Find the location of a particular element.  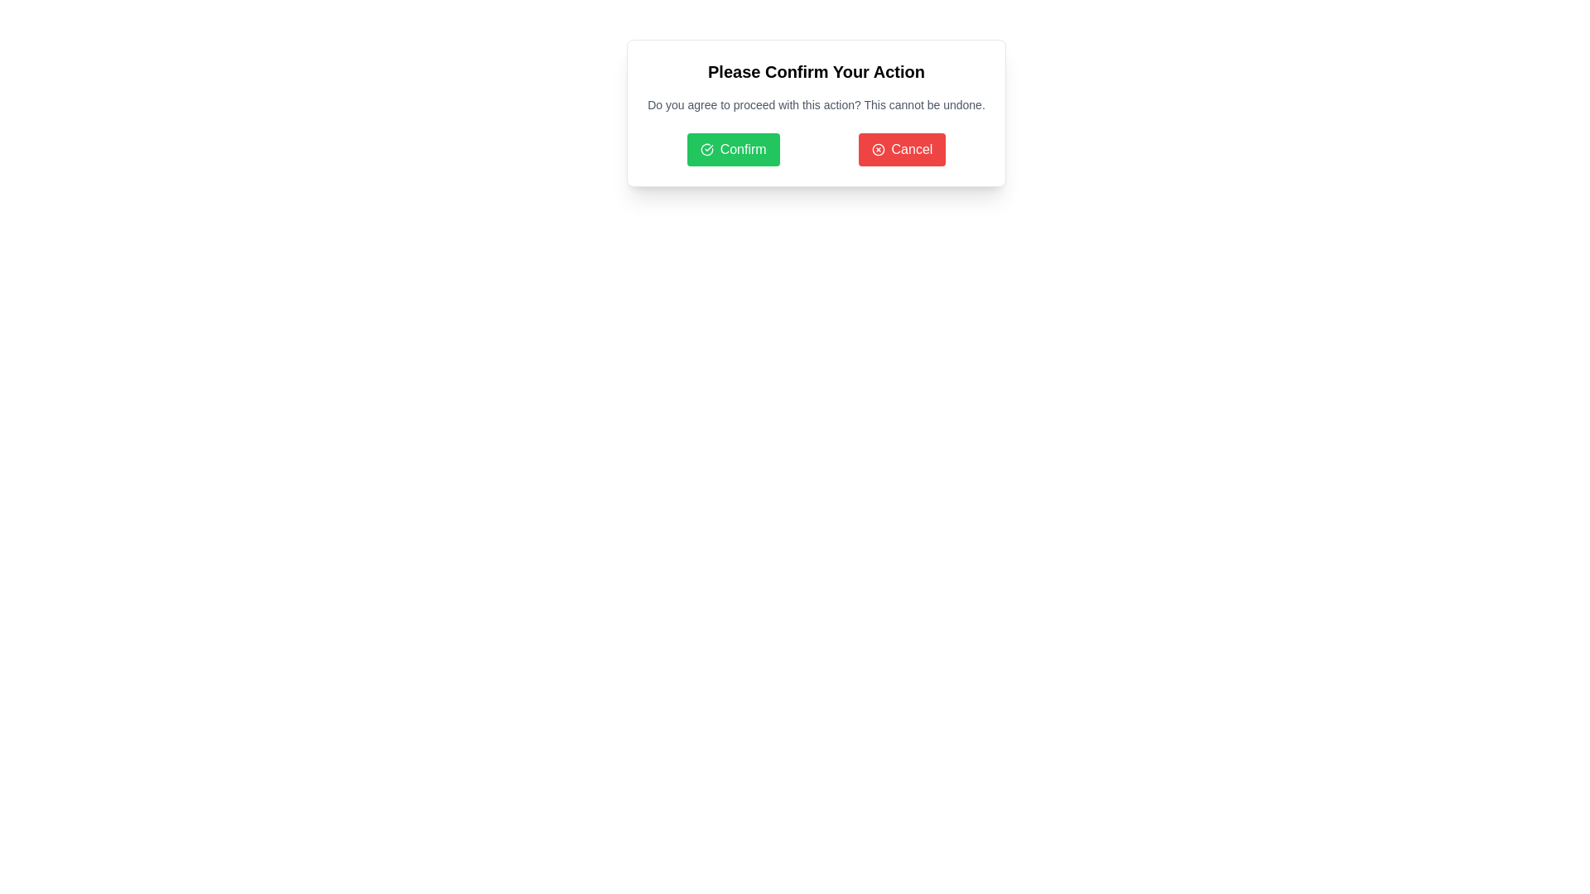

the circular component of the cancel symbol, which is located to the right of the red 'Cancel' button on the confirmation panel near the lower right corner is located at coordinates (877, 150).